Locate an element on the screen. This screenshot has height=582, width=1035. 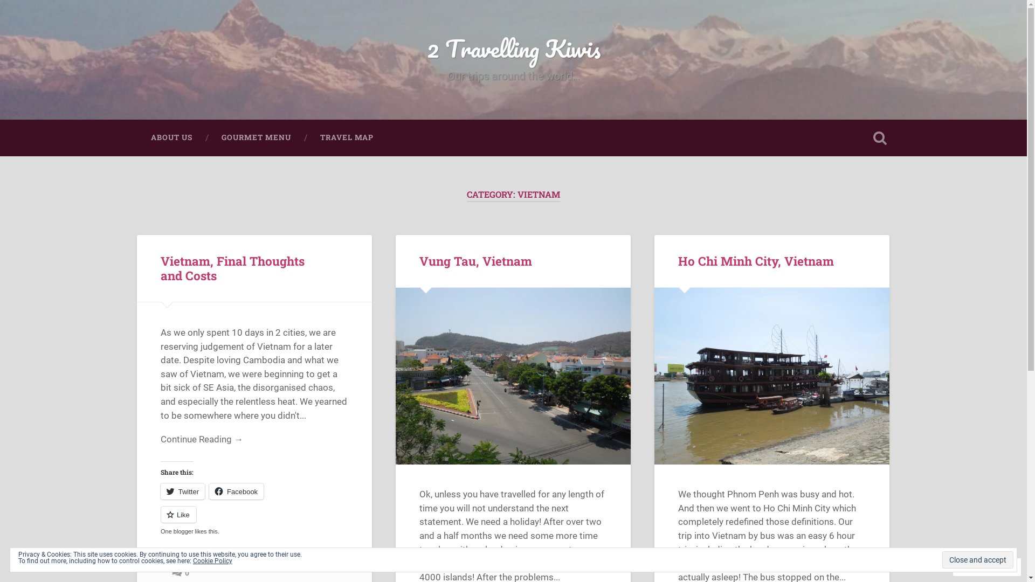
'2 Travelling Kiwis' is located at coordinates (513, 47).